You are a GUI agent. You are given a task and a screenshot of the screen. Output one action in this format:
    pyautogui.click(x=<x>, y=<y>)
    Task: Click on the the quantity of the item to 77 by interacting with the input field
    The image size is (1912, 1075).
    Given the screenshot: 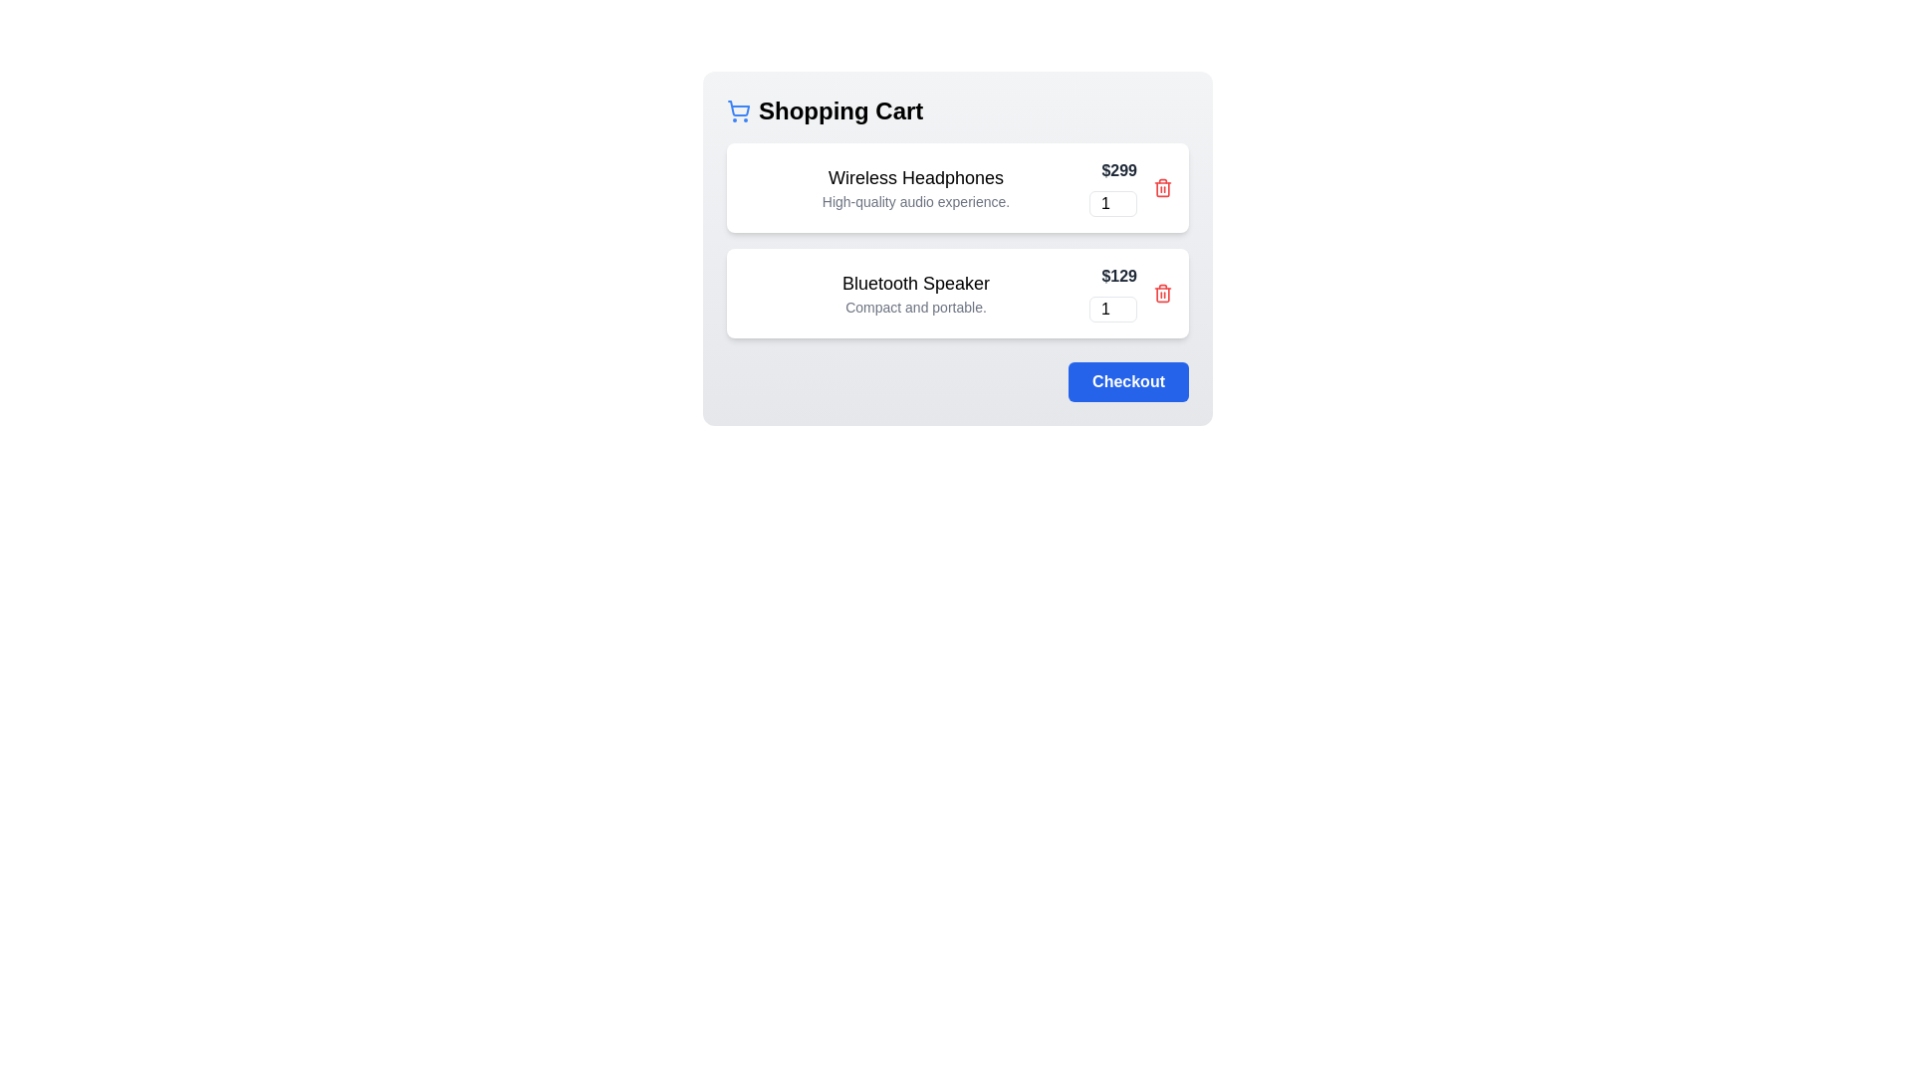 What is the action you would take?
    pyautogui.click(x=1112, y=203)
    